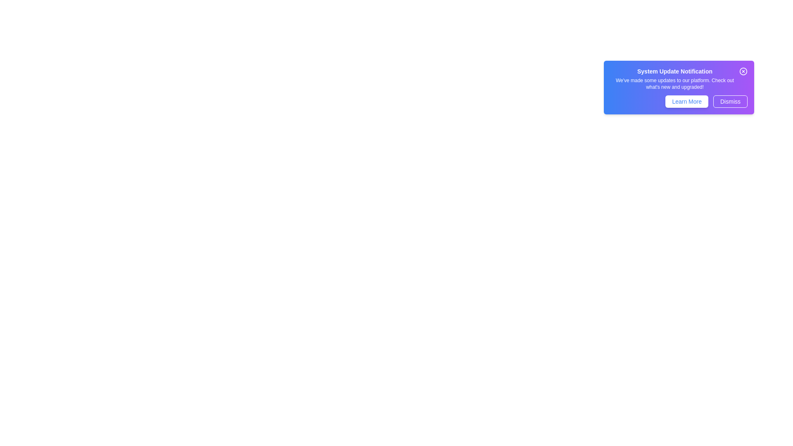  What do you see at coordinates (730, 101) in the screenshot?
I see `the dismissal button located in the top right corner of the modal dialog box` at bounding box center [730, 101].